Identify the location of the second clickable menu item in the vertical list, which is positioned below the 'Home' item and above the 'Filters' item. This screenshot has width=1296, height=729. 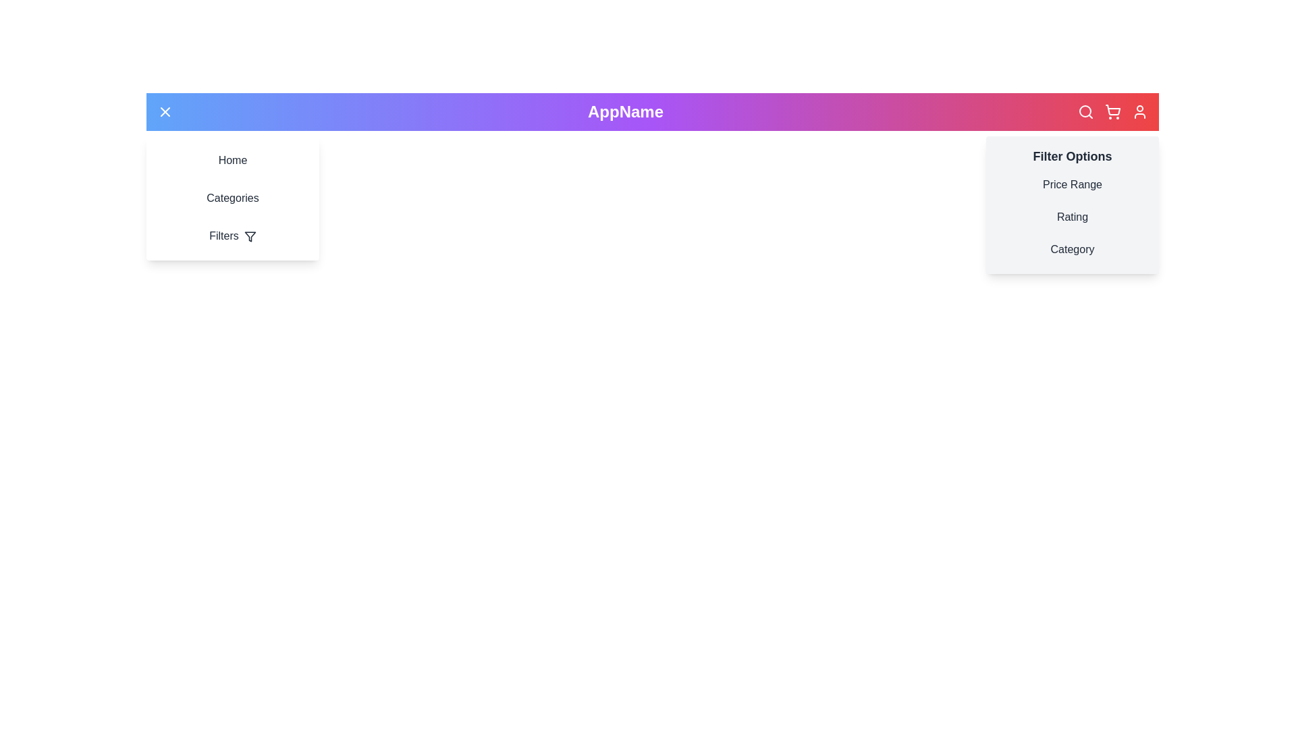
(233, 198).